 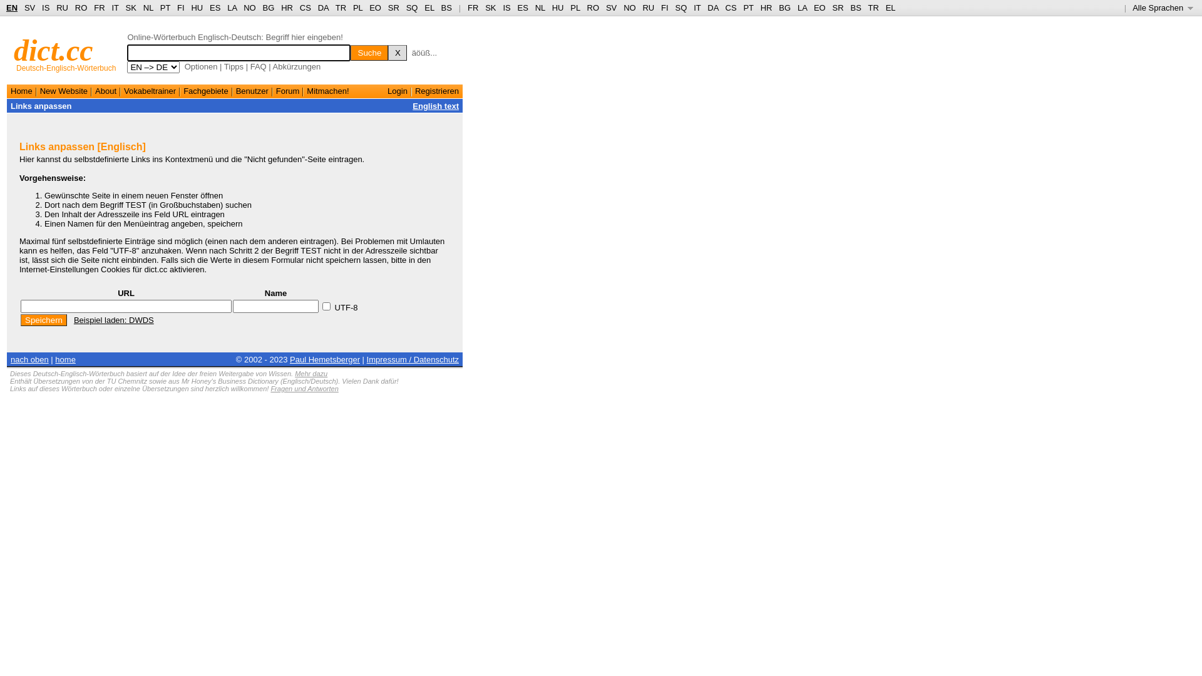 I want to click on 'EL', so click(x=429, y=8).